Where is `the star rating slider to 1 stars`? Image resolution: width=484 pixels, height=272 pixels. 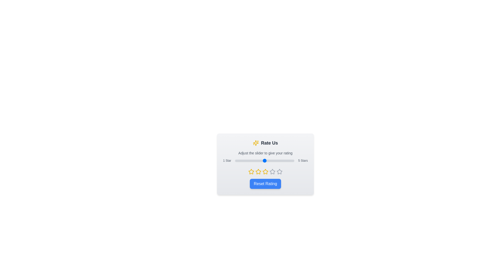
the star rating slider to 1 stars is located at coordinates (235, 160).